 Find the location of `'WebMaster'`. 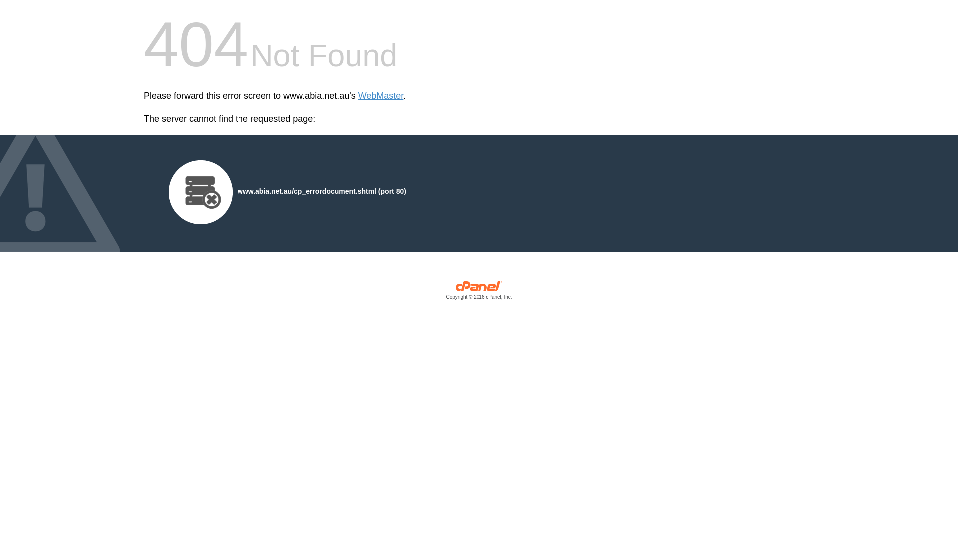

'WebMaster' is located at coordinates (380, 96).